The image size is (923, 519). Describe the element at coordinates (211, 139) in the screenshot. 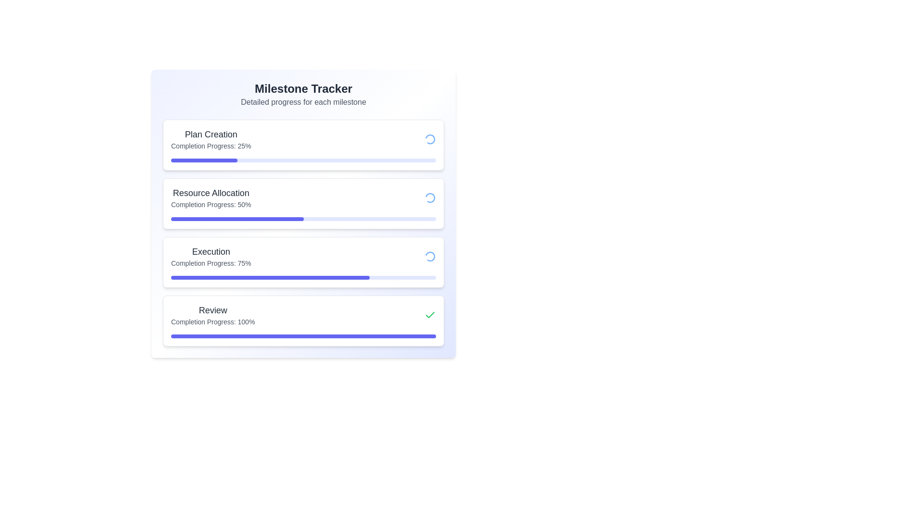

I see `the 'Plan Creation' text block that displays 'Completion Progress: 25%', which is the first item in the vertical list of milestone items` at that location.